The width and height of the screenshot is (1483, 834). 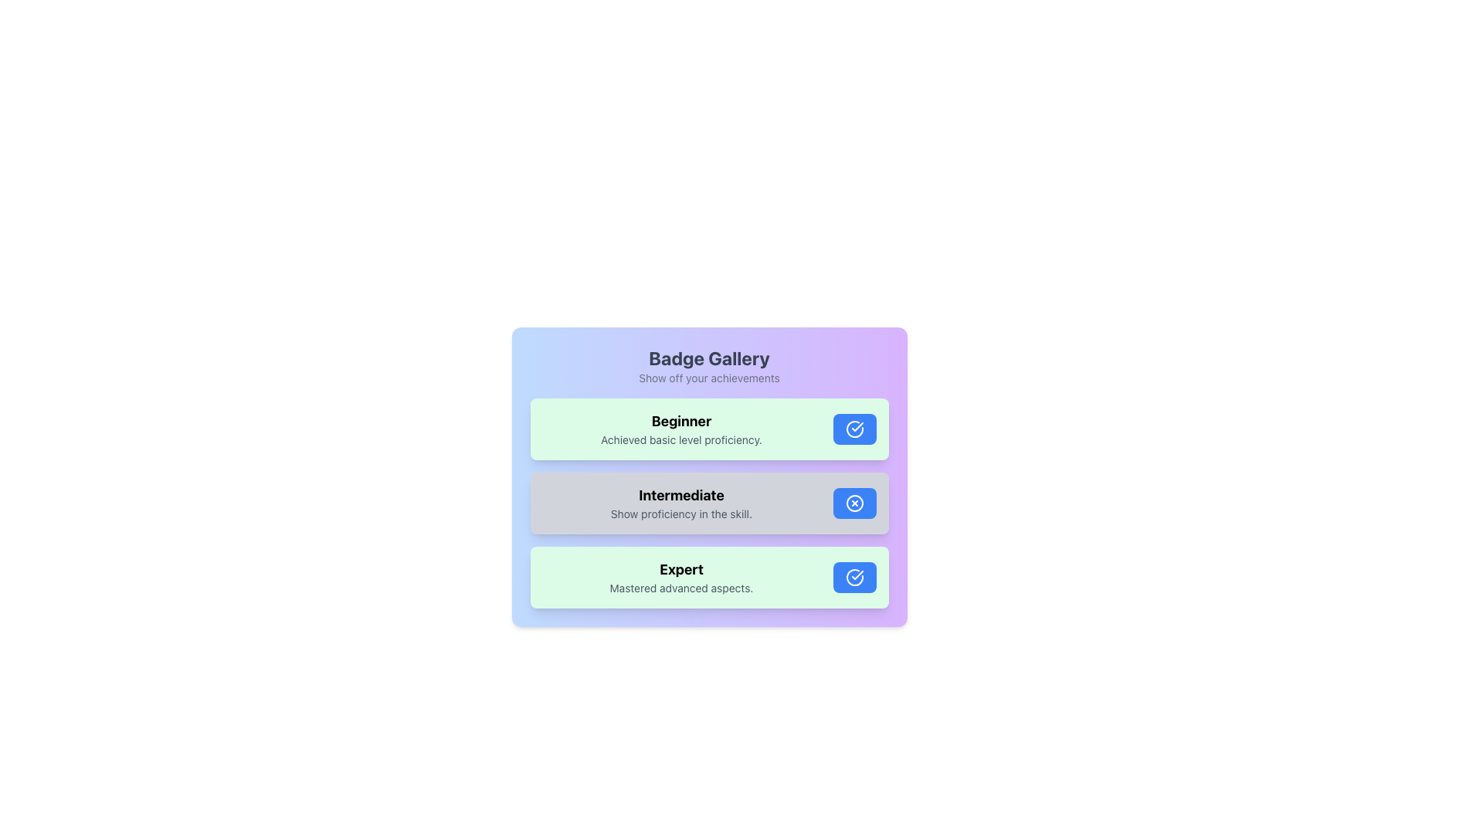 I want to click on the text block displaying 'Beginner' and 'Achieved basic level proficiency' with a light green background, located at the first position in the vertically stacked list of panels, so click(x=680, y=429).